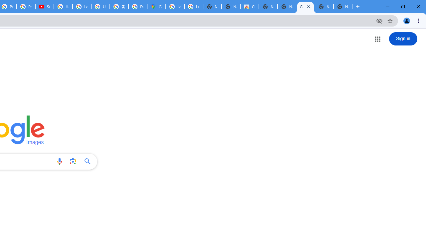  Describe the element at coordinates (44, 7) in the screenshot. I see `'Subscriptions - YouTube'` at that location.